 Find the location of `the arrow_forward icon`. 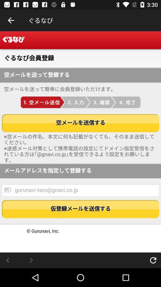

the arrow_forward icon is located at coordinates (31, 260).